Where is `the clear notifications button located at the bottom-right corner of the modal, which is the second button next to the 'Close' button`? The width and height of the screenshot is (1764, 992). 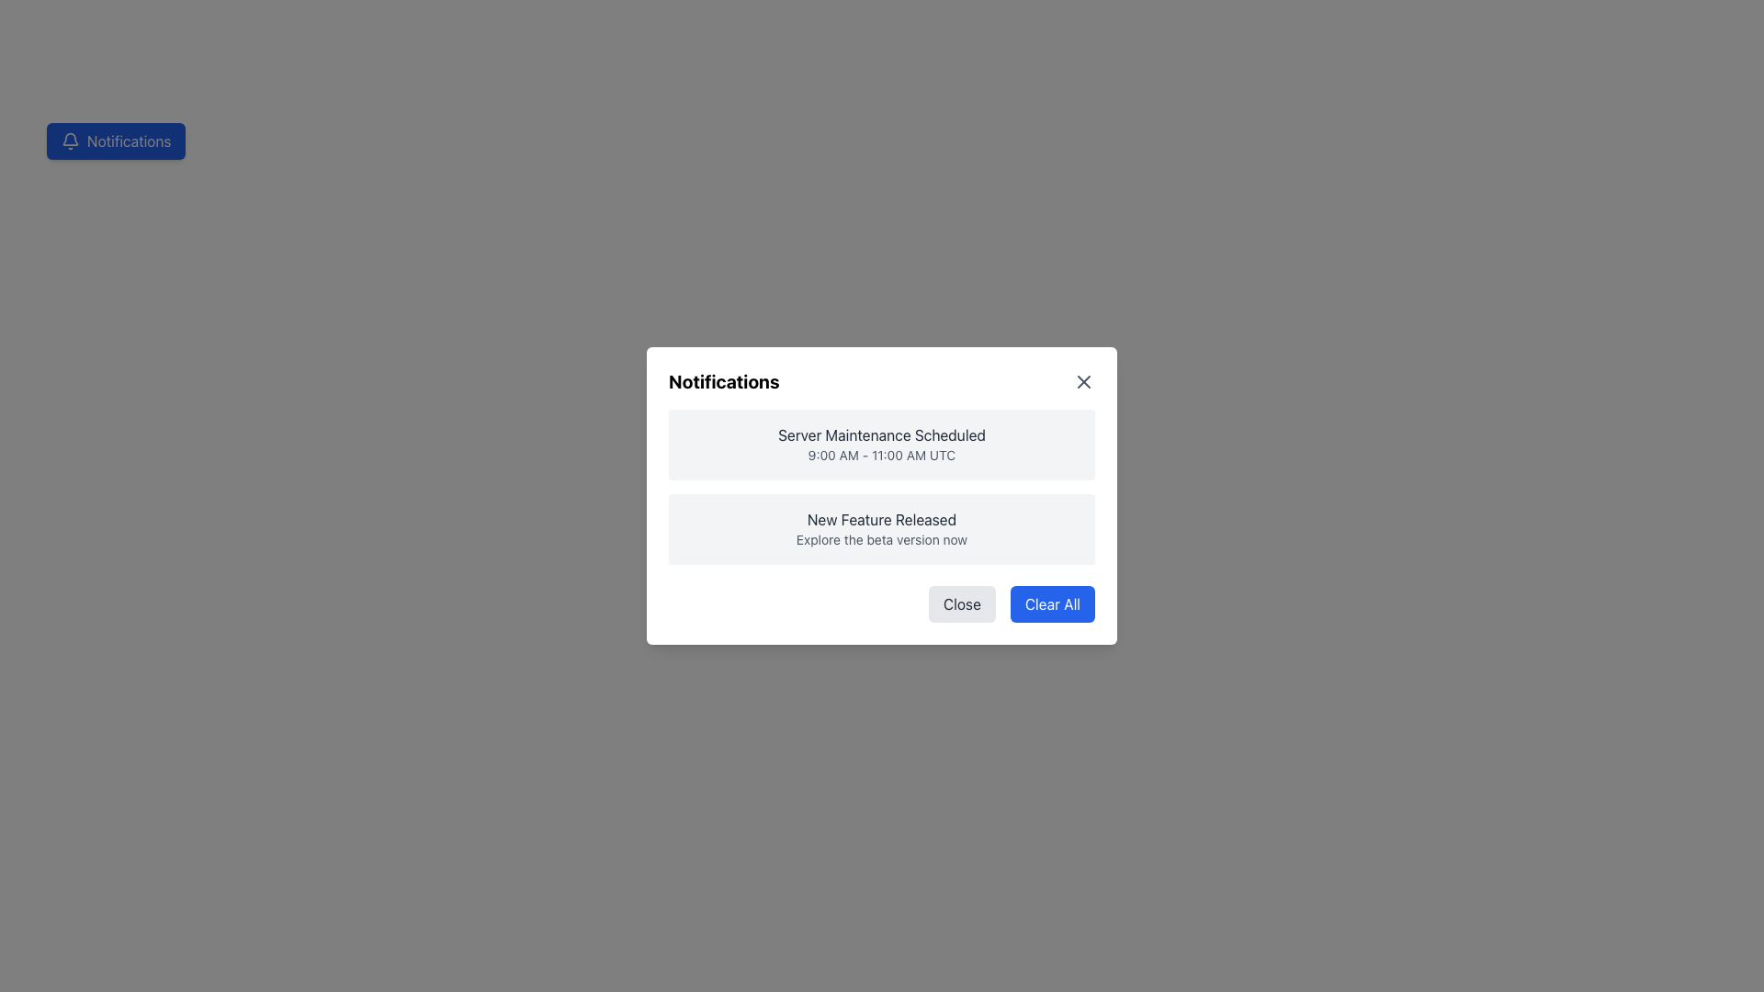 the clear notifications button located at the bottom-right corner of the modal, which is the second button next to the 'Close' button is located at coordinates (1052, 604).